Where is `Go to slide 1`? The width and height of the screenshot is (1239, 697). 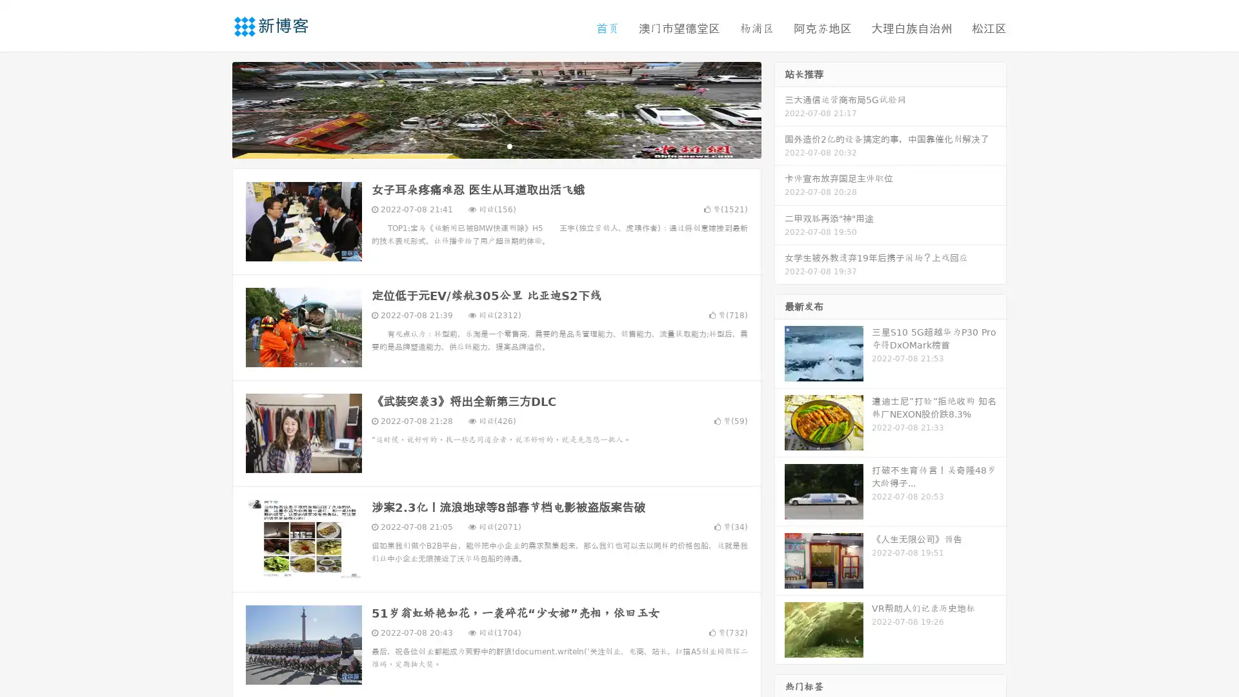 Go to slide 1 is located at coordinates (483, 145).